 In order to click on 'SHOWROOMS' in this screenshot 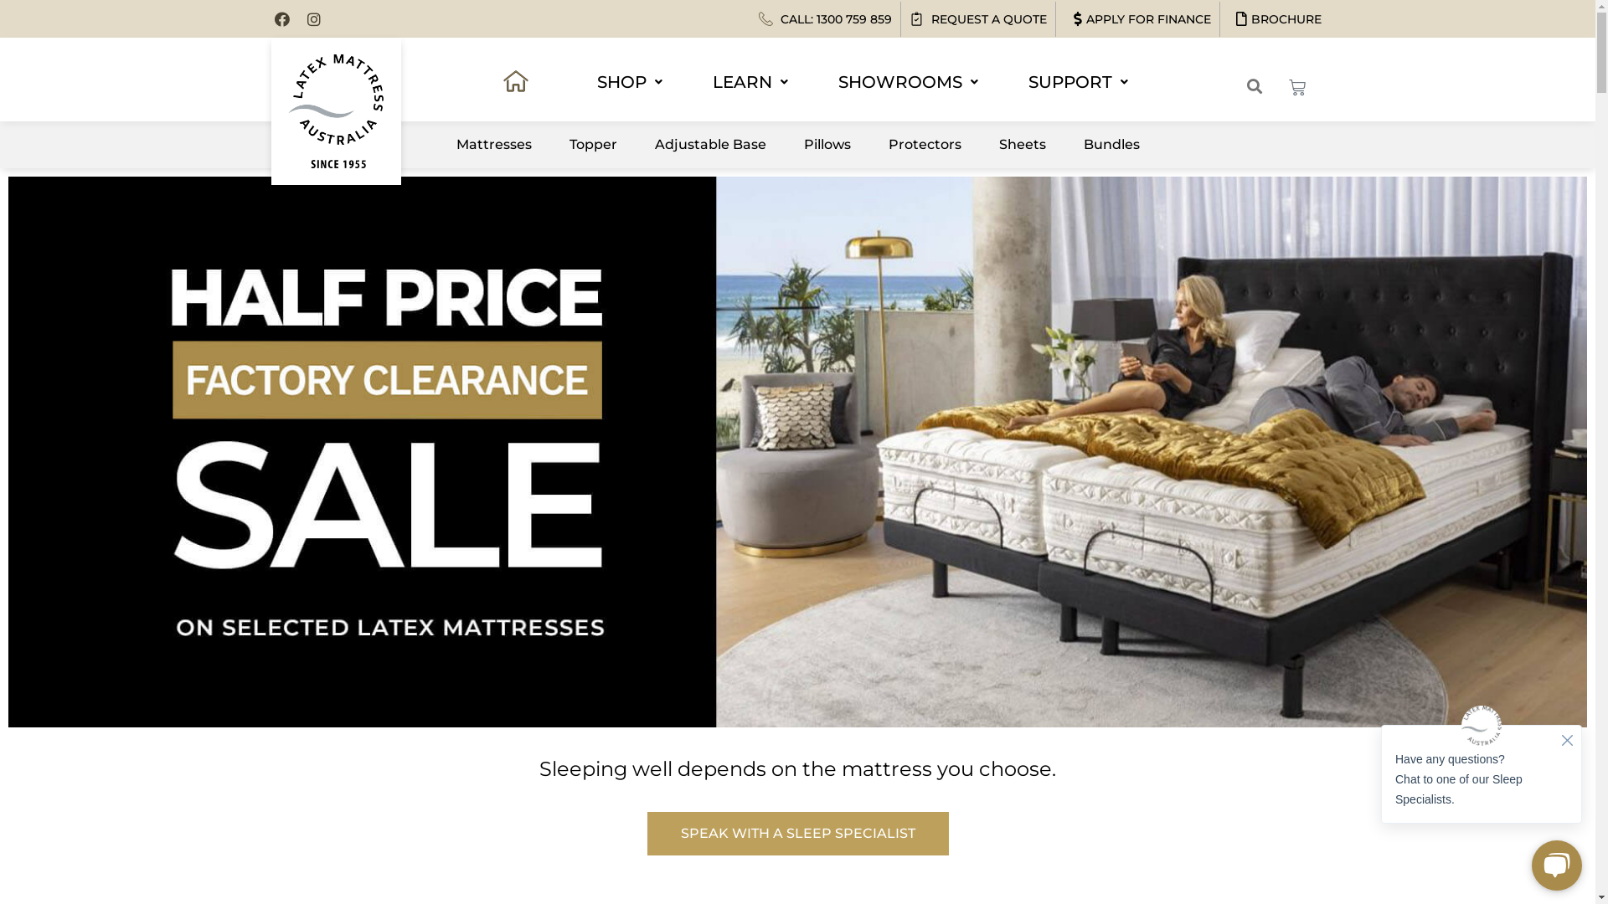, I will do `click(825, 81)`.